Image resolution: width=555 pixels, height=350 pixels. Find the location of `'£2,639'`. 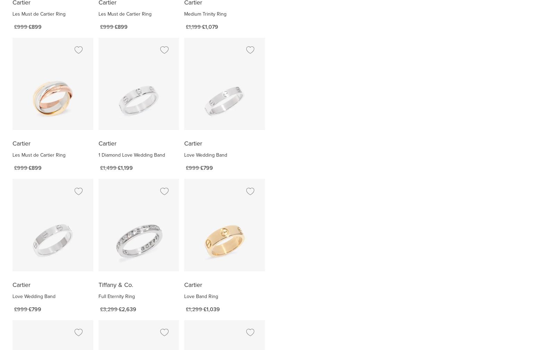

'£2,639' is located at coordinates (127, 309).